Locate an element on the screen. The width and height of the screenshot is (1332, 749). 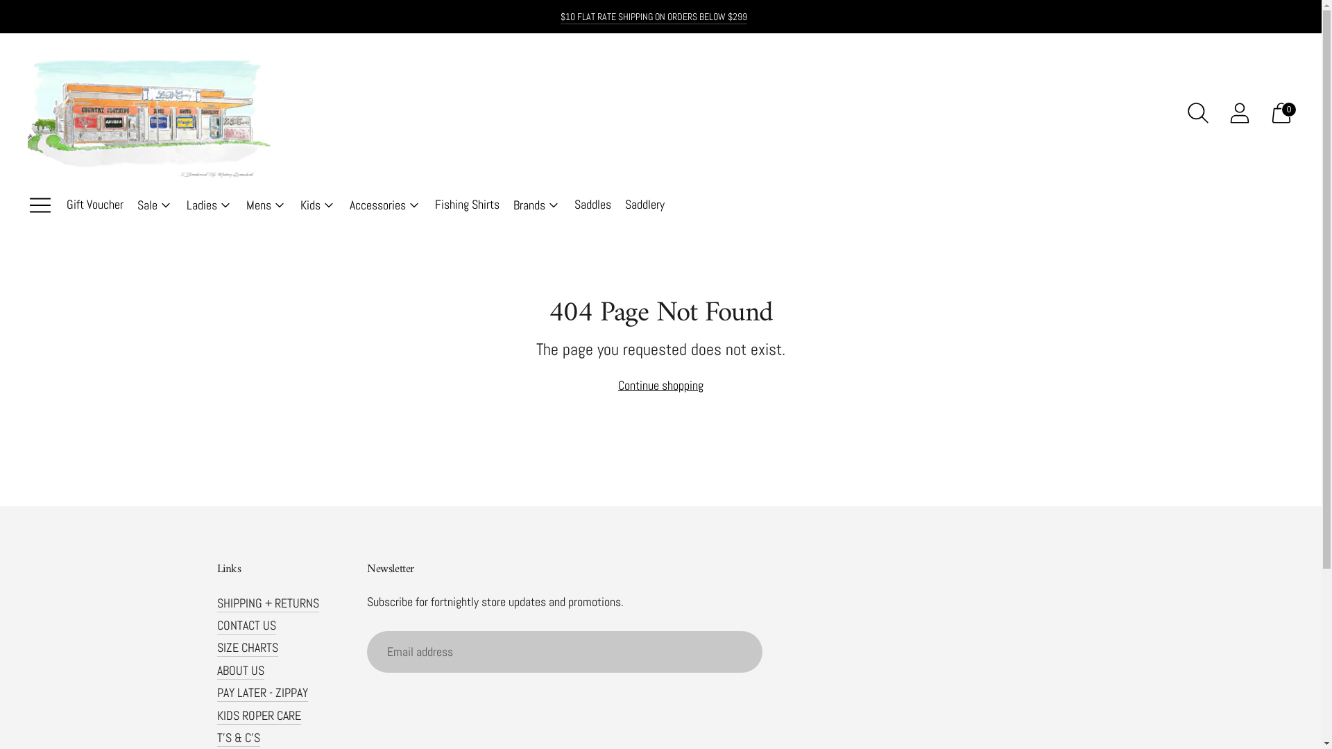
'Kids' is located at coordinates (317, 205).